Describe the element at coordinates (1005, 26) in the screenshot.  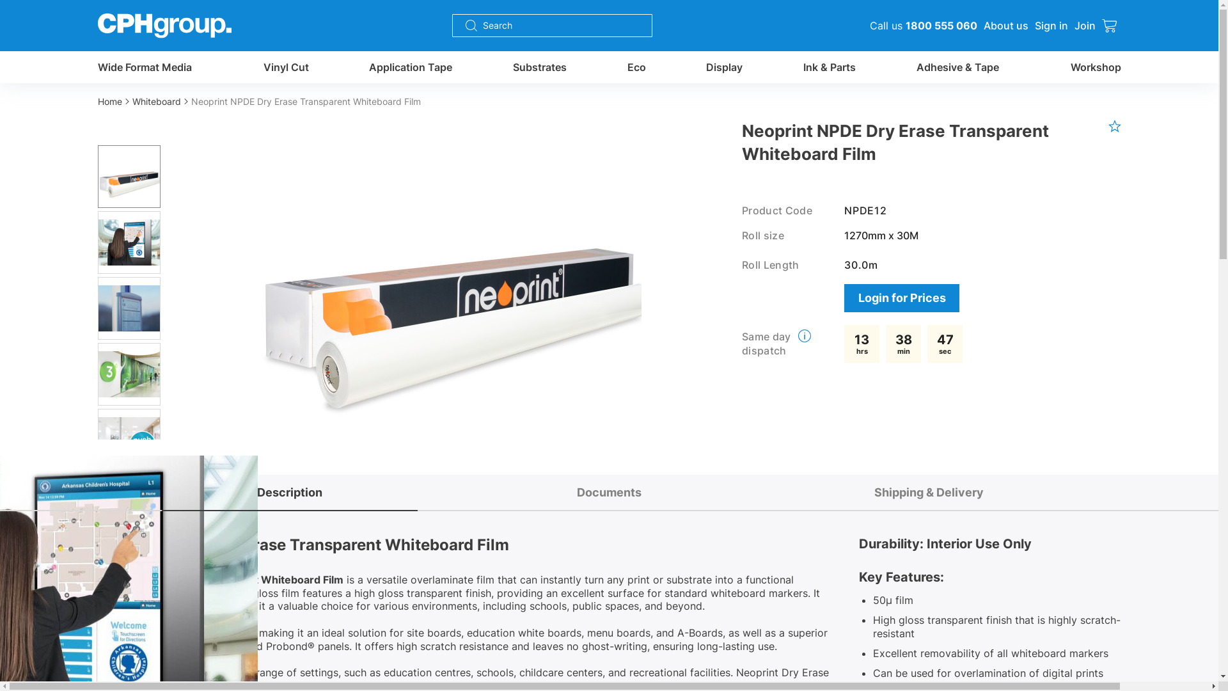
I see `'About us'` at that location.